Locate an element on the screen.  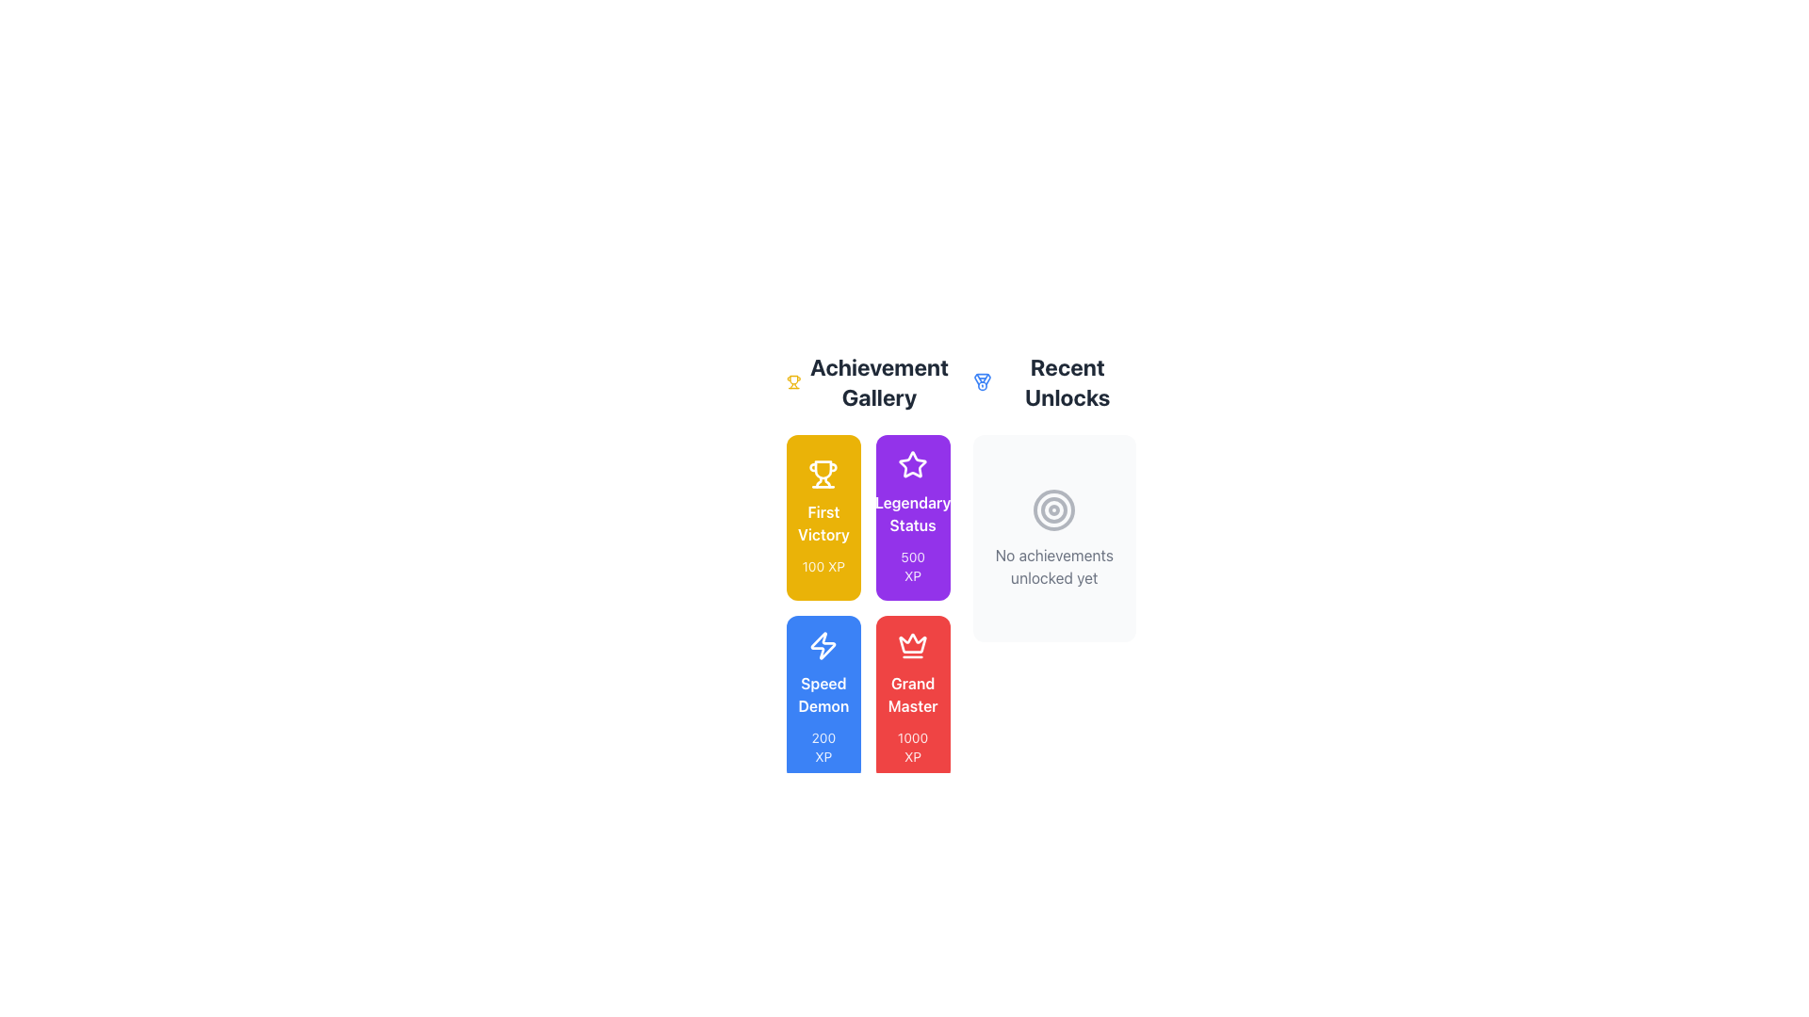
'Achievement Gallery' heading, which is styled in bold, dark gray text and accompanied by a yellow trophy icon, to understand the section's purpose is located at coordinates (867, 381).